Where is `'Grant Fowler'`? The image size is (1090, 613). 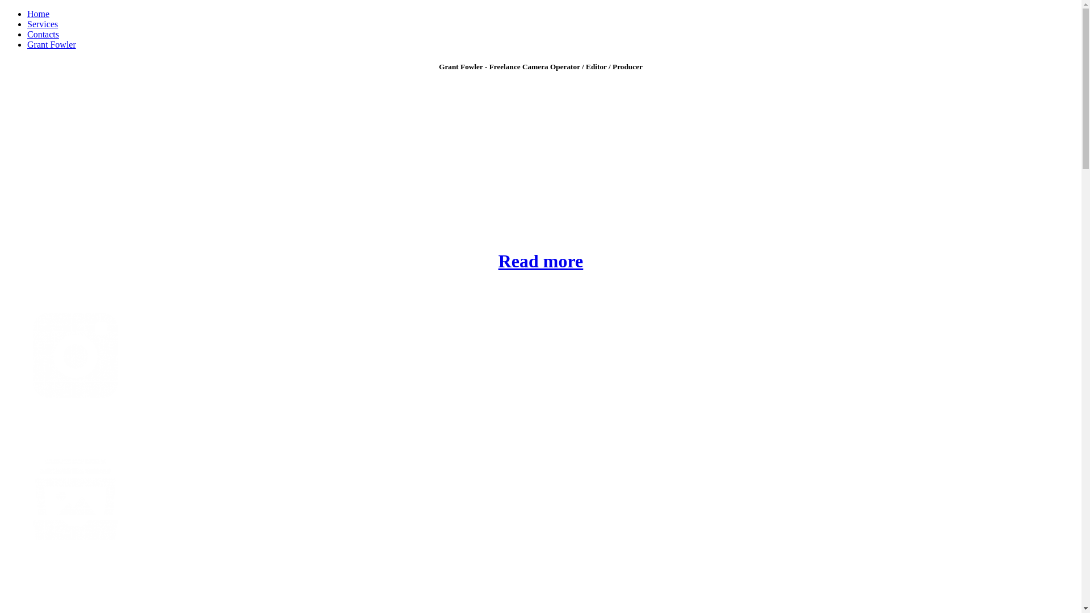
'Grant Fowler' is located at coordinates (27, 44).